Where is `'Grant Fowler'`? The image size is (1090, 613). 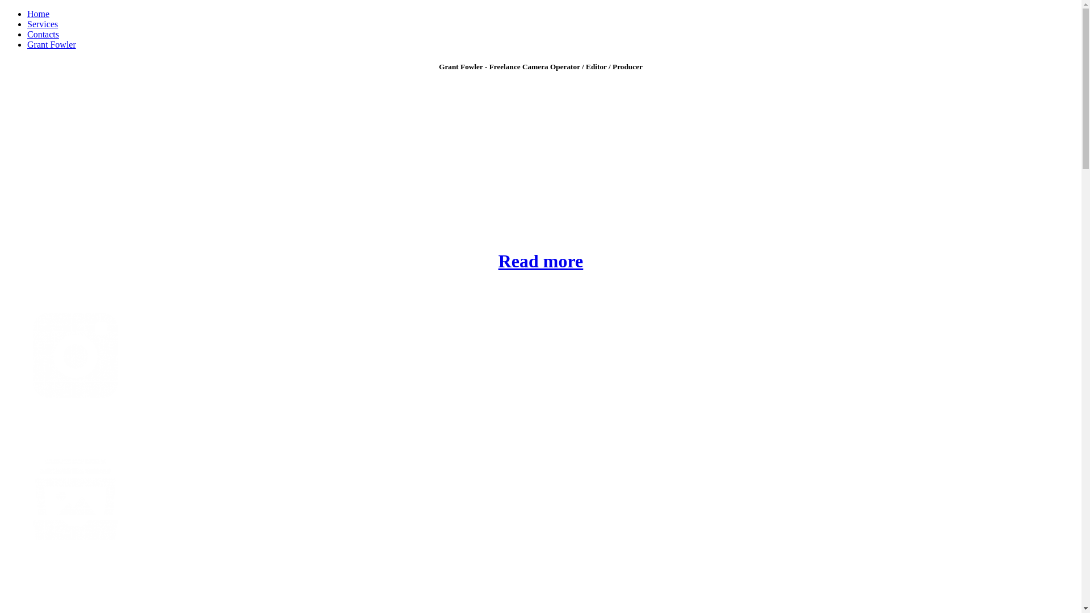
'Grant Fowler' is located at coordinates (27, 44).